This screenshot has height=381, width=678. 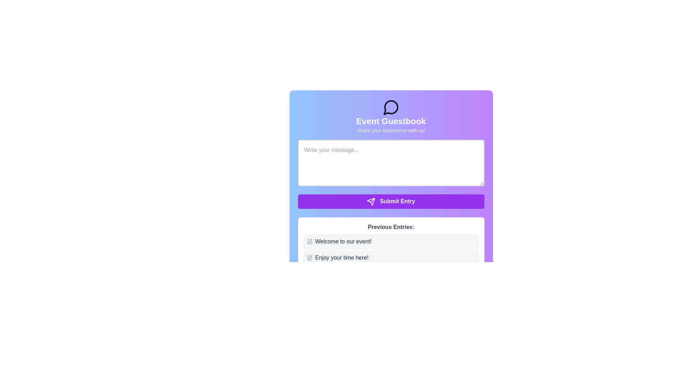 What do you see at coordinates (309, 258) in the screenshot?
I see `the minimalistic square icon with rounded edges located in the 'Previous Entries' section near the text 'Enjoy your time here!'` at bounding box center [309, 258].